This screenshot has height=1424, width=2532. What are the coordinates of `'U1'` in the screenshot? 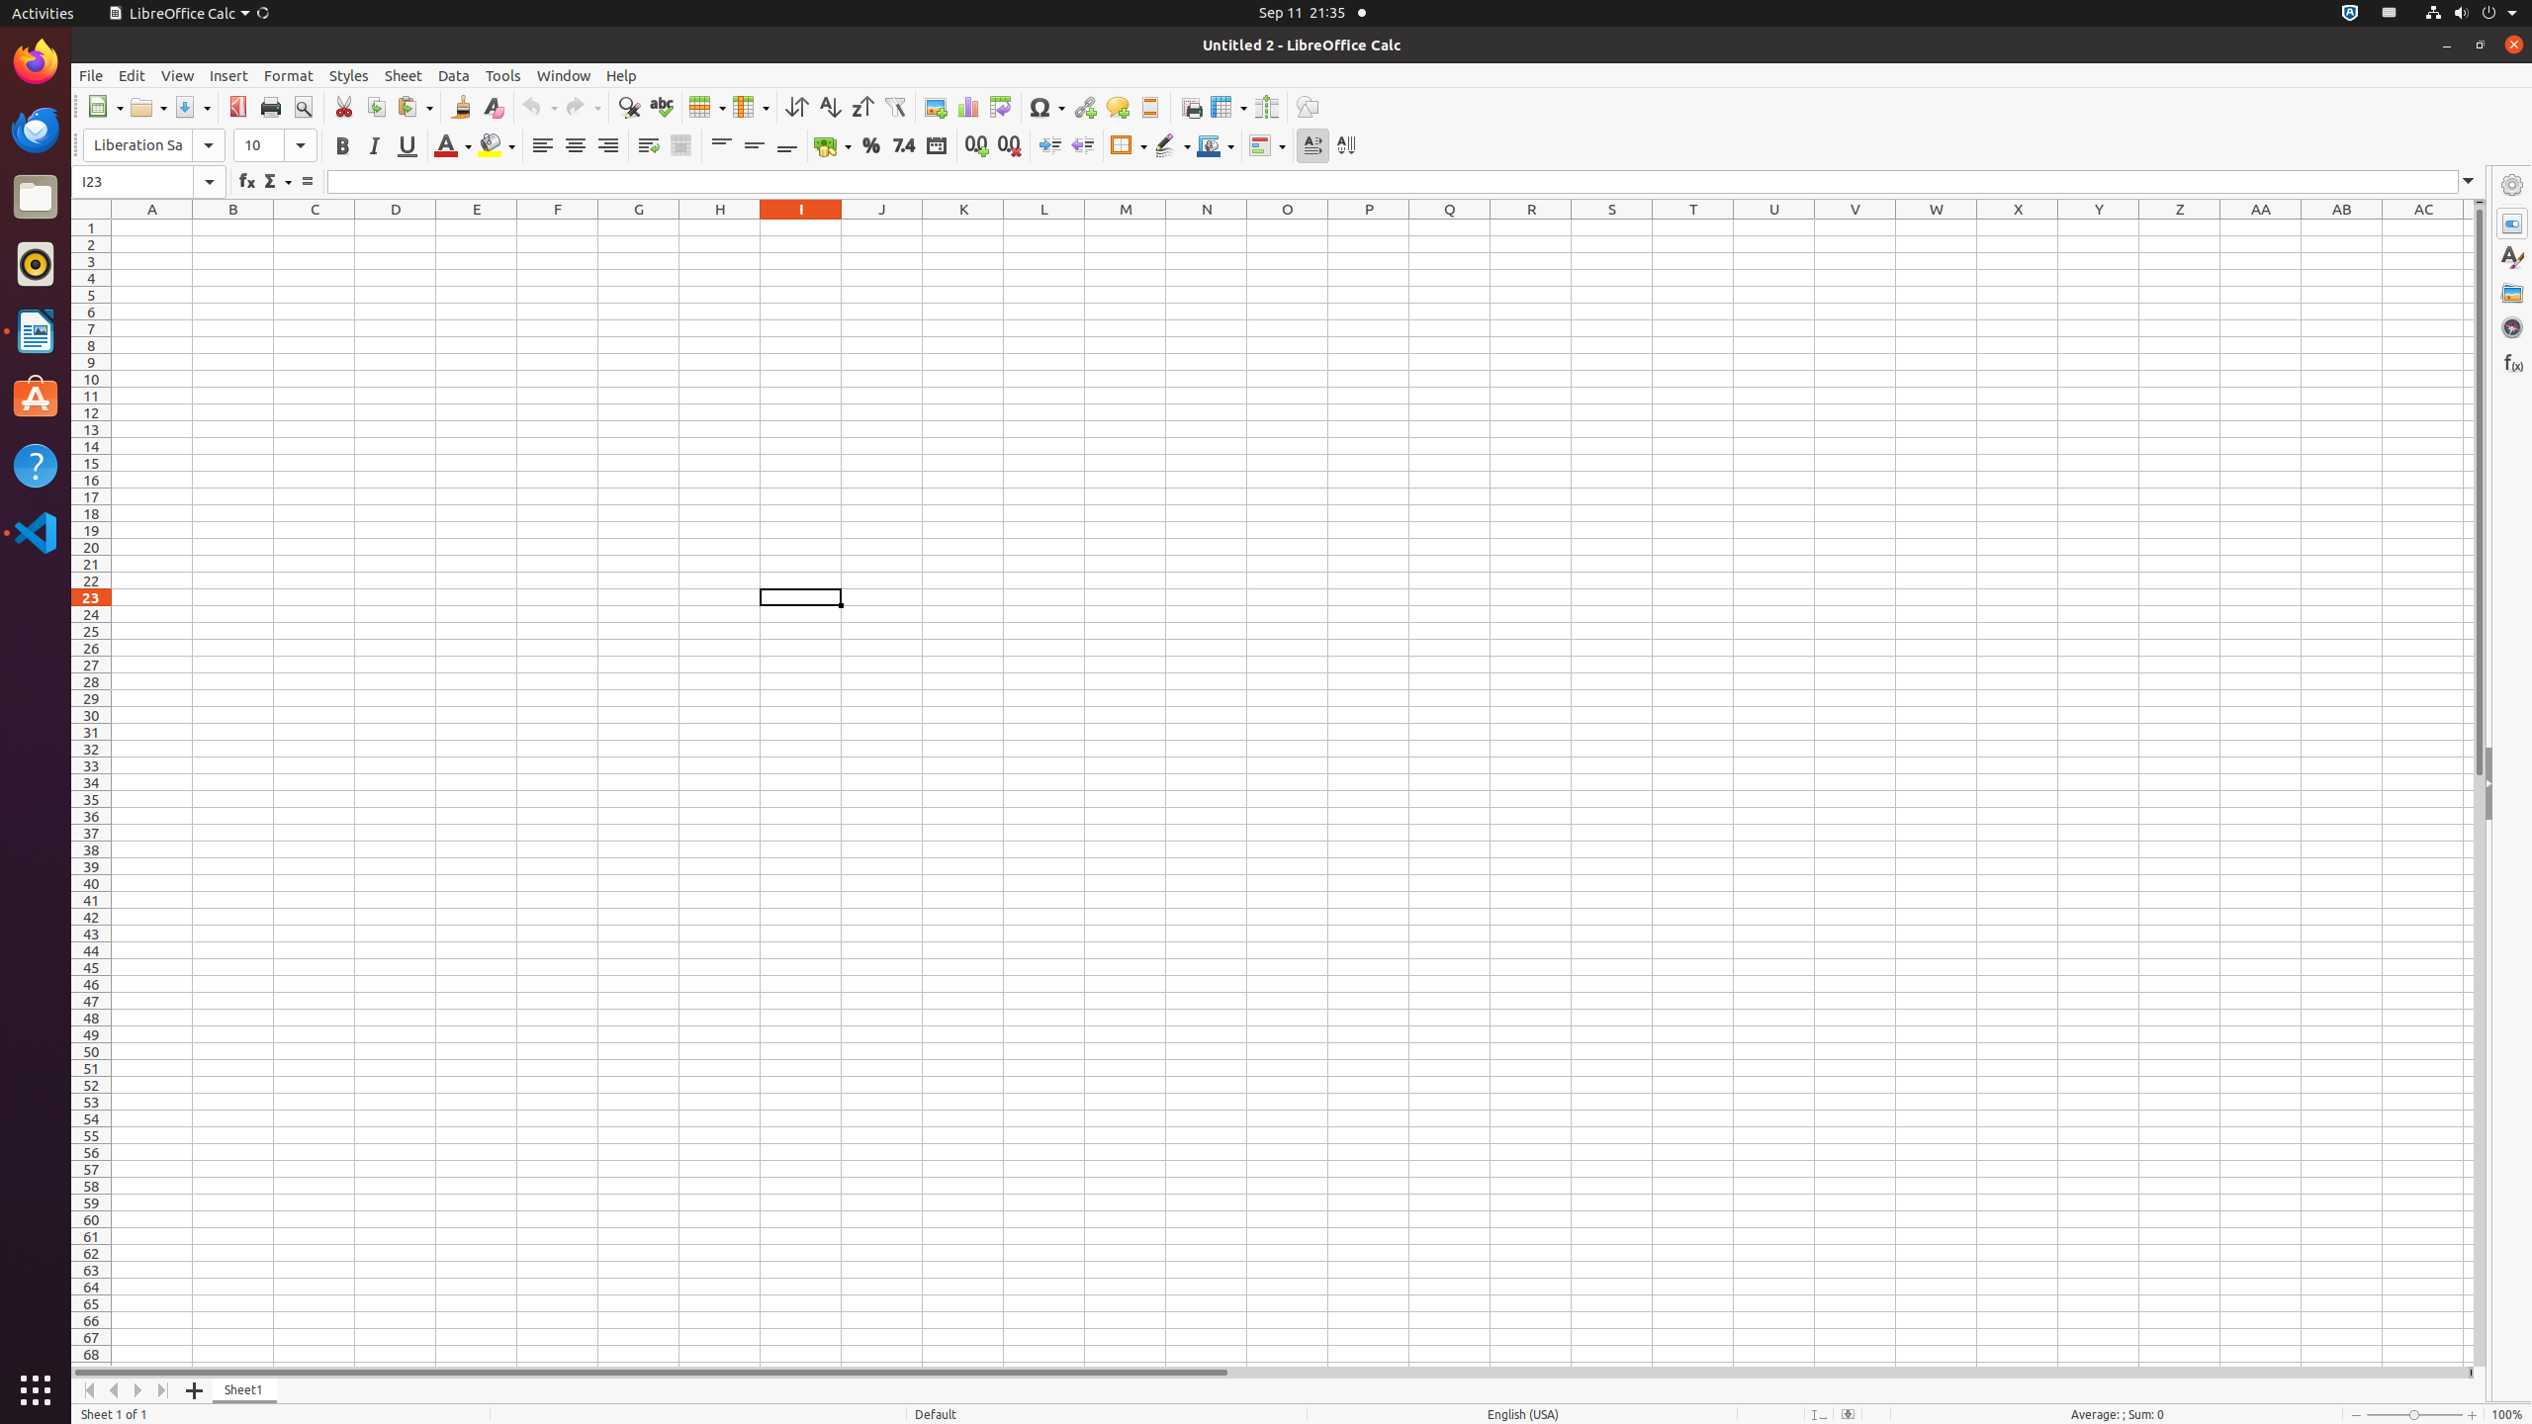 It's located at (1773, 226).